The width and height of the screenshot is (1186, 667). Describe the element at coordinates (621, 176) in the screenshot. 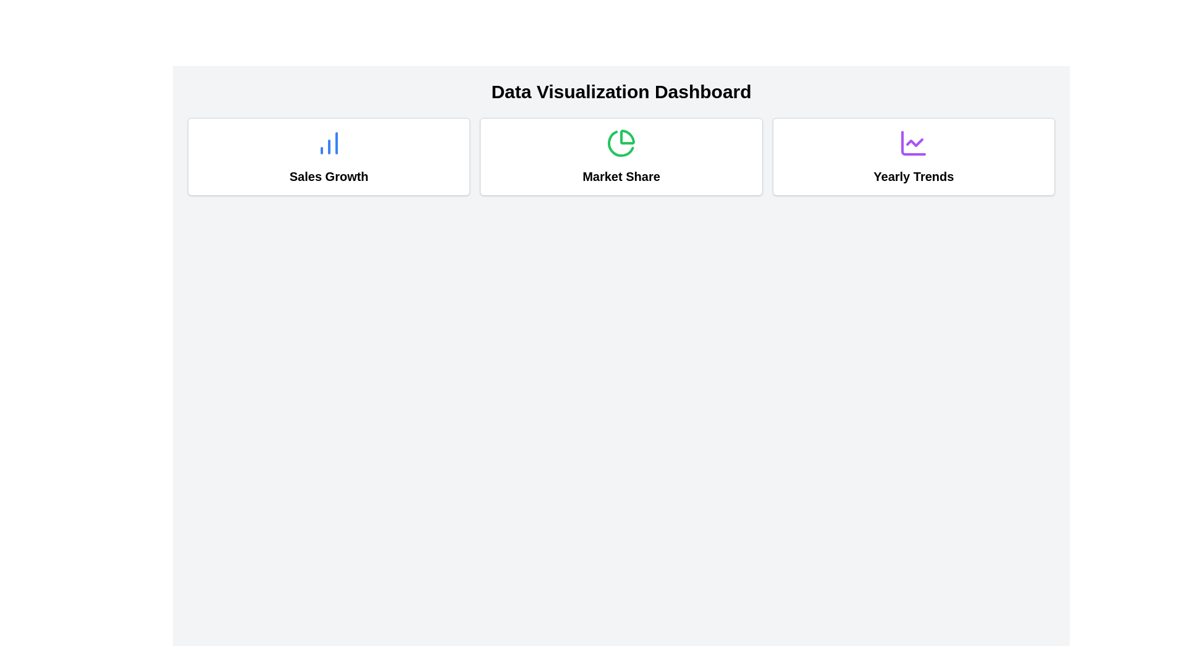

I see `the 'Market Share' label, which is styled with bold text and is positioned below the pie chart icon in the central box of the layout` at that location.